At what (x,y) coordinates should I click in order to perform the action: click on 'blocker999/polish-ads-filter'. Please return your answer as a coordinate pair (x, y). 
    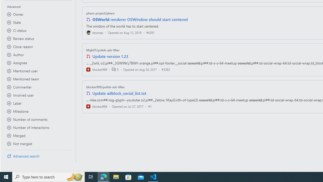
    Looking at the image, I should click on (105, 86).